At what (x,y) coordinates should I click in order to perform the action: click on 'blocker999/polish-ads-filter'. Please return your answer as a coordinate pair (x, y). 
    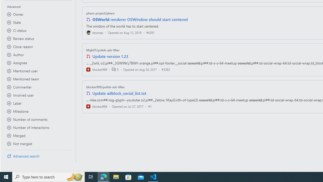
    Looking at the image, I should click on (105, 86).